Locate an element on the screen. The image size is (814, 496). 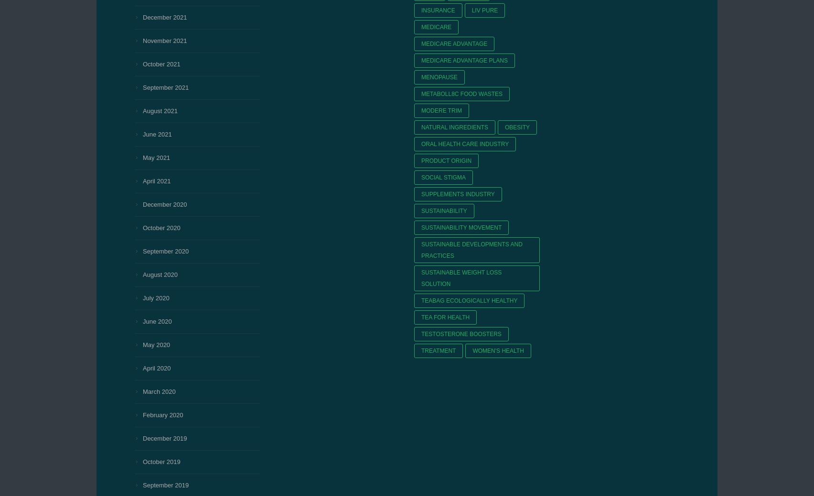
'September 2021' is located at coordinates (165, 87).